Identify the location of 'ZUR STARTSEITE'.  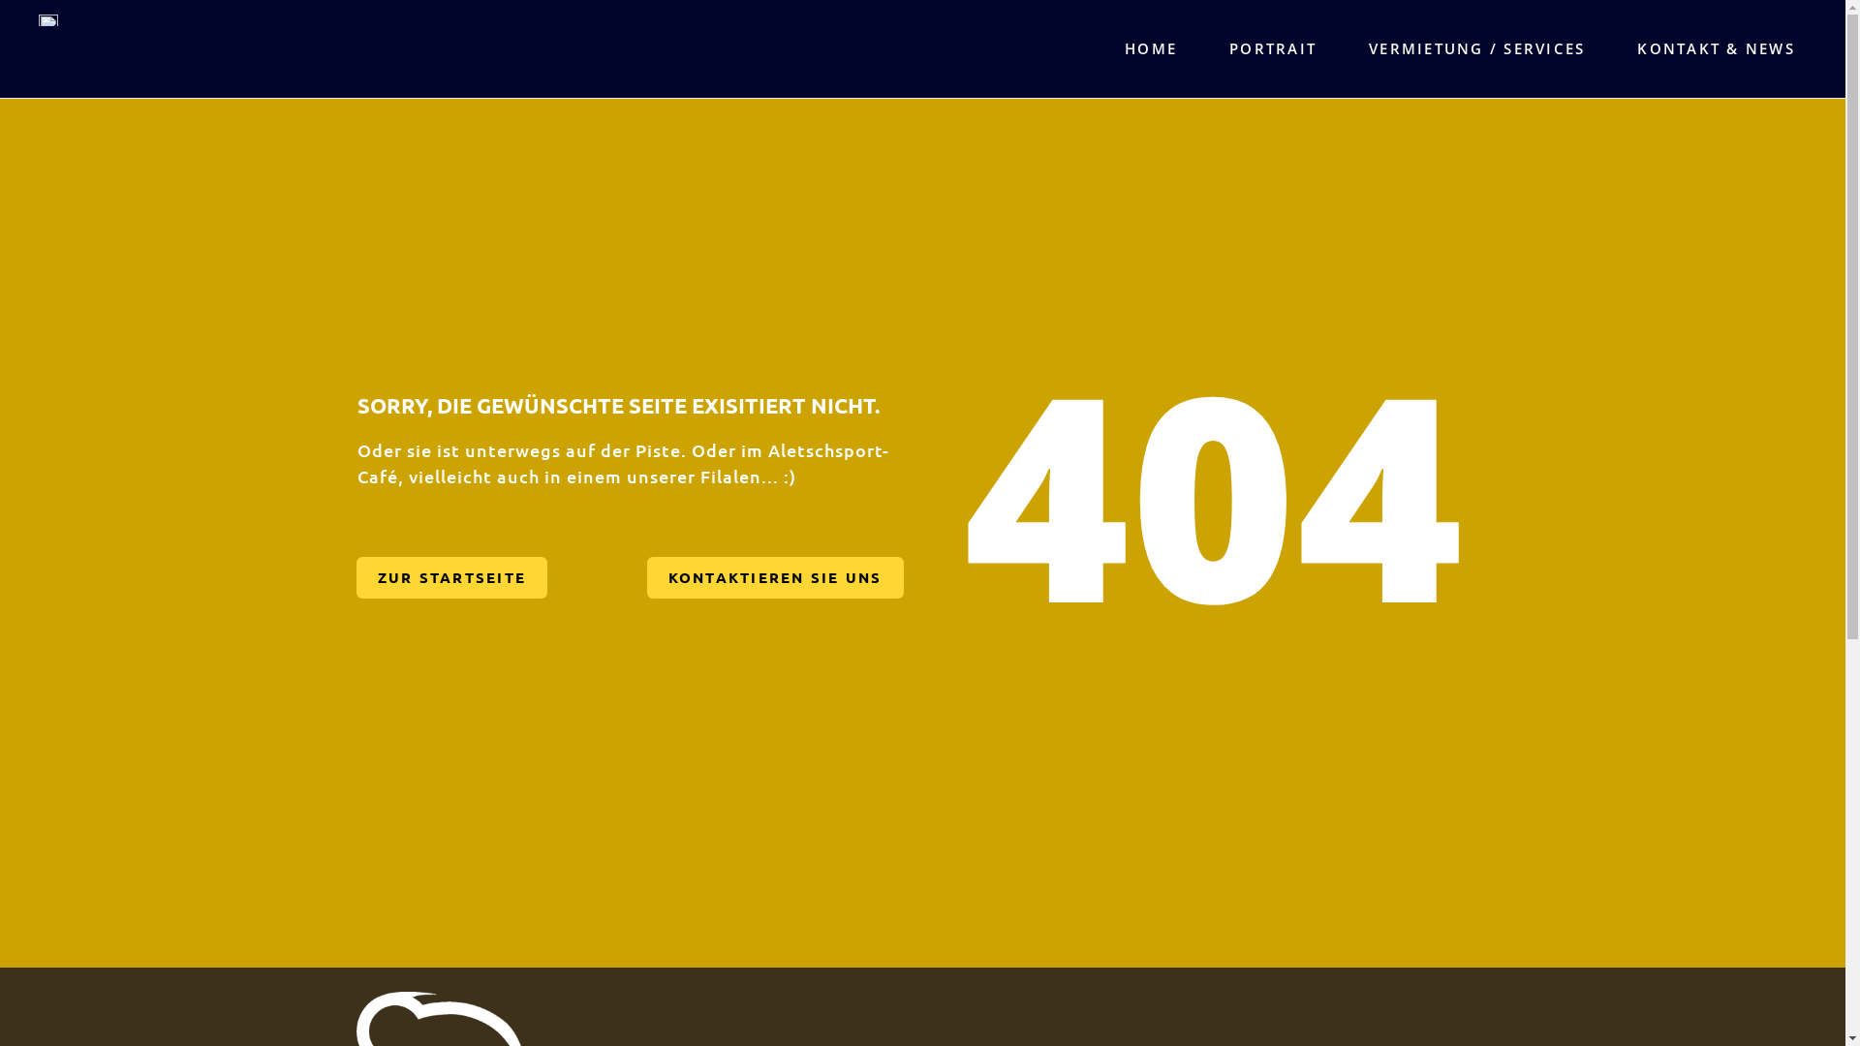
(450, 576).